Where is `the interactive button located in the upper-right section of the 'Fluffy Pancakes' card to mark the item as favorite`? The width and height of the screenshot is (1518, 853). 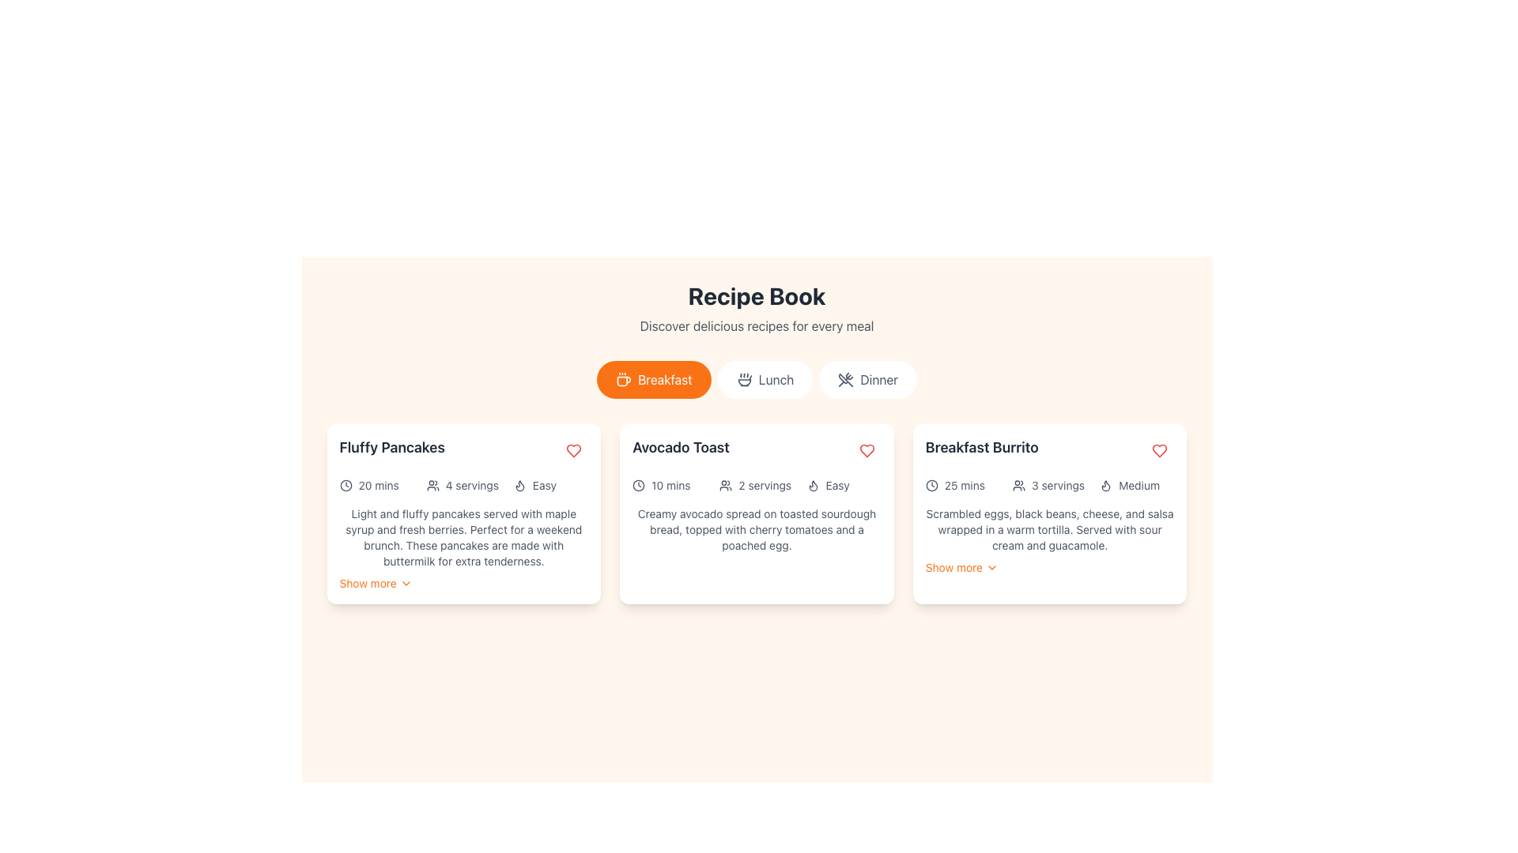
the interactive button located in the upper-right section of the 'Fluffy Pancakes' card to mark the item as favorite is located at coordinates (573, 450).